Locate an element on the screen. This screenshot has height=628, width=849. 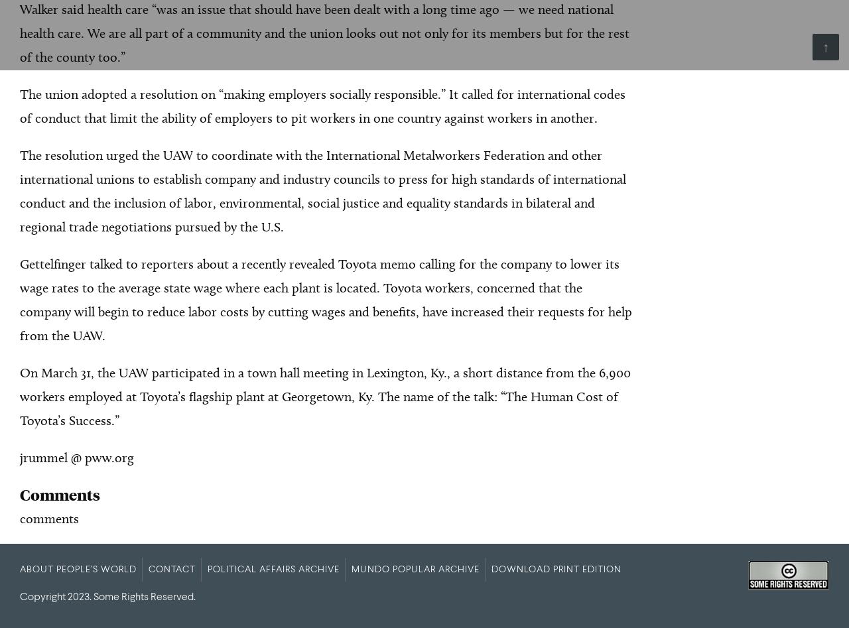
'Gettelfinger talked to reporters about a recently revealed Toyota memo calling for the company to lower its wage rates to the average state wage where each plant is located. Toyota workers, concerned that the company will begin to reduce labor costs by cutting wages and benefits, have increased their requests for help from the UAW.' is located at coordinates (326, 300).